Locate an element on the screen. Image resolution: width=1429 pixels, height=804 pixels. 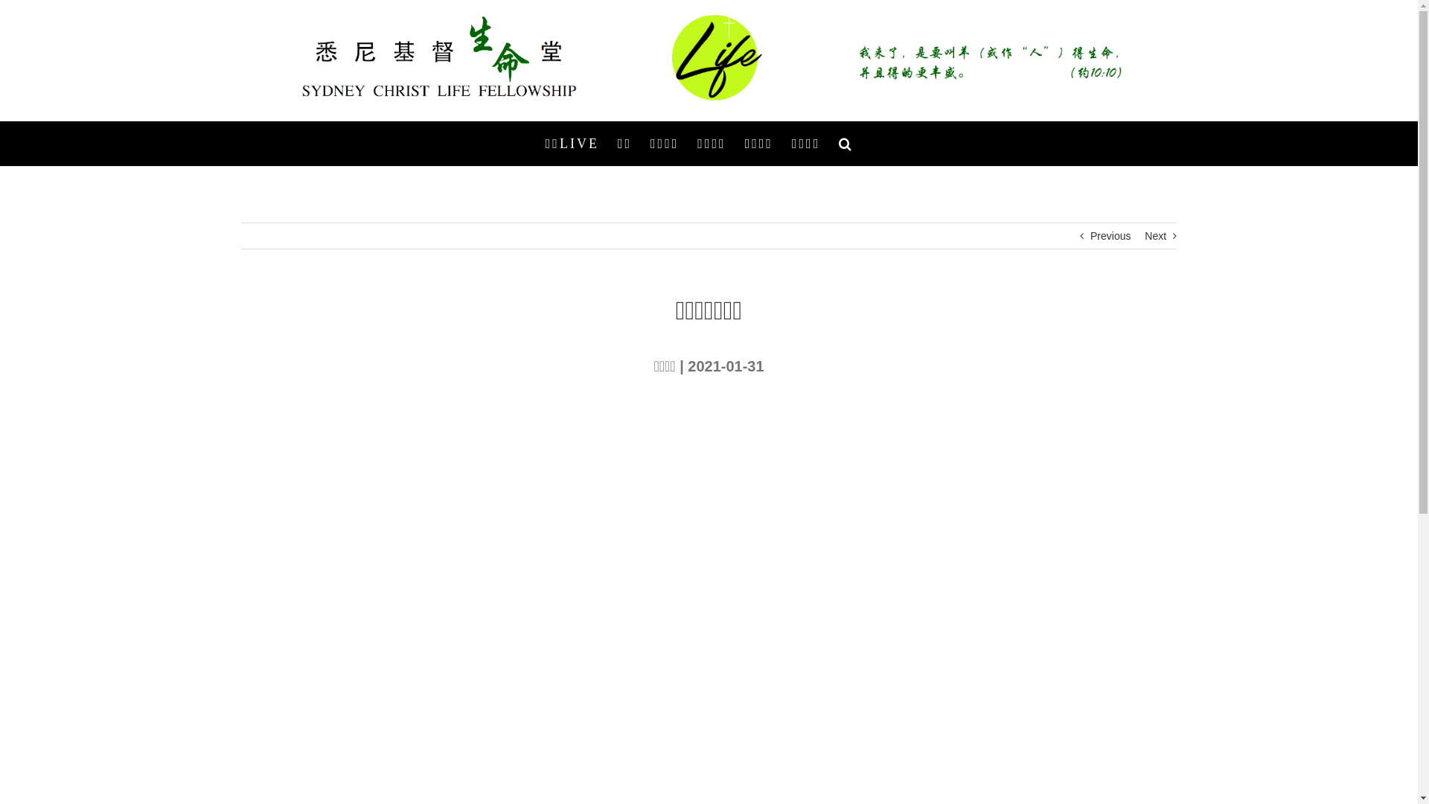
'Next' is located at coordinates (1143, 234).